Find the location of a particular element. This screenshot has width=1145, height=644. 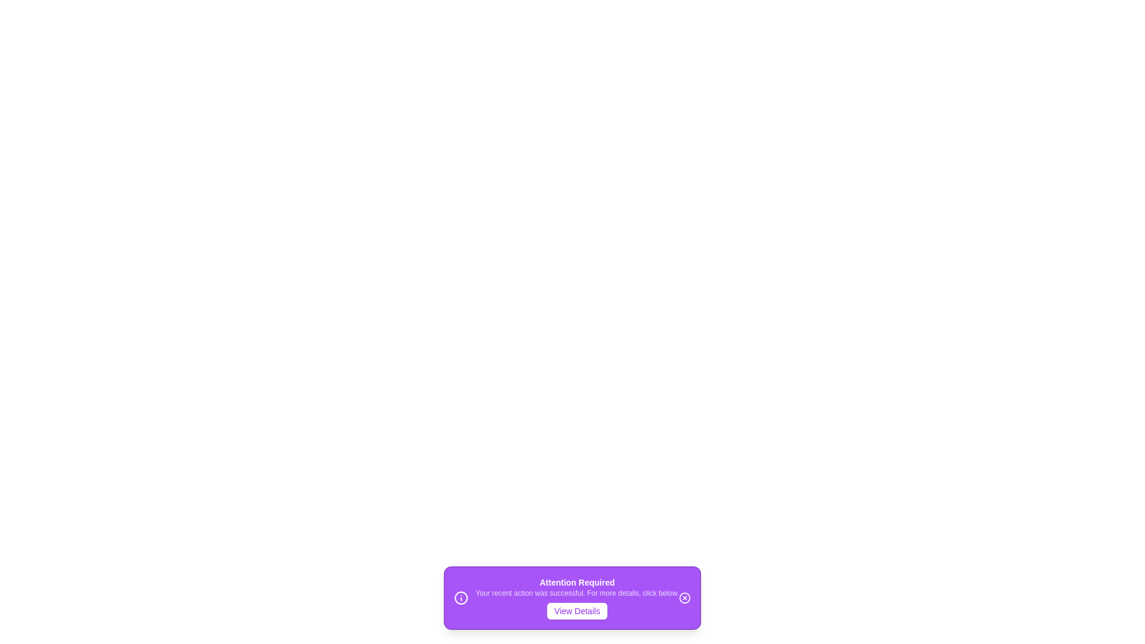

the 'View Details' button to view more information is located at coordinates (577, 611).